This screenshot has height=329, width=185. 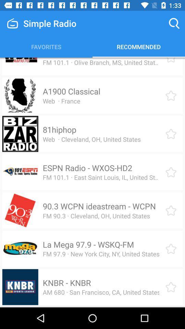 I want to click on la mega 97 icon, so click(x=88, y=244).